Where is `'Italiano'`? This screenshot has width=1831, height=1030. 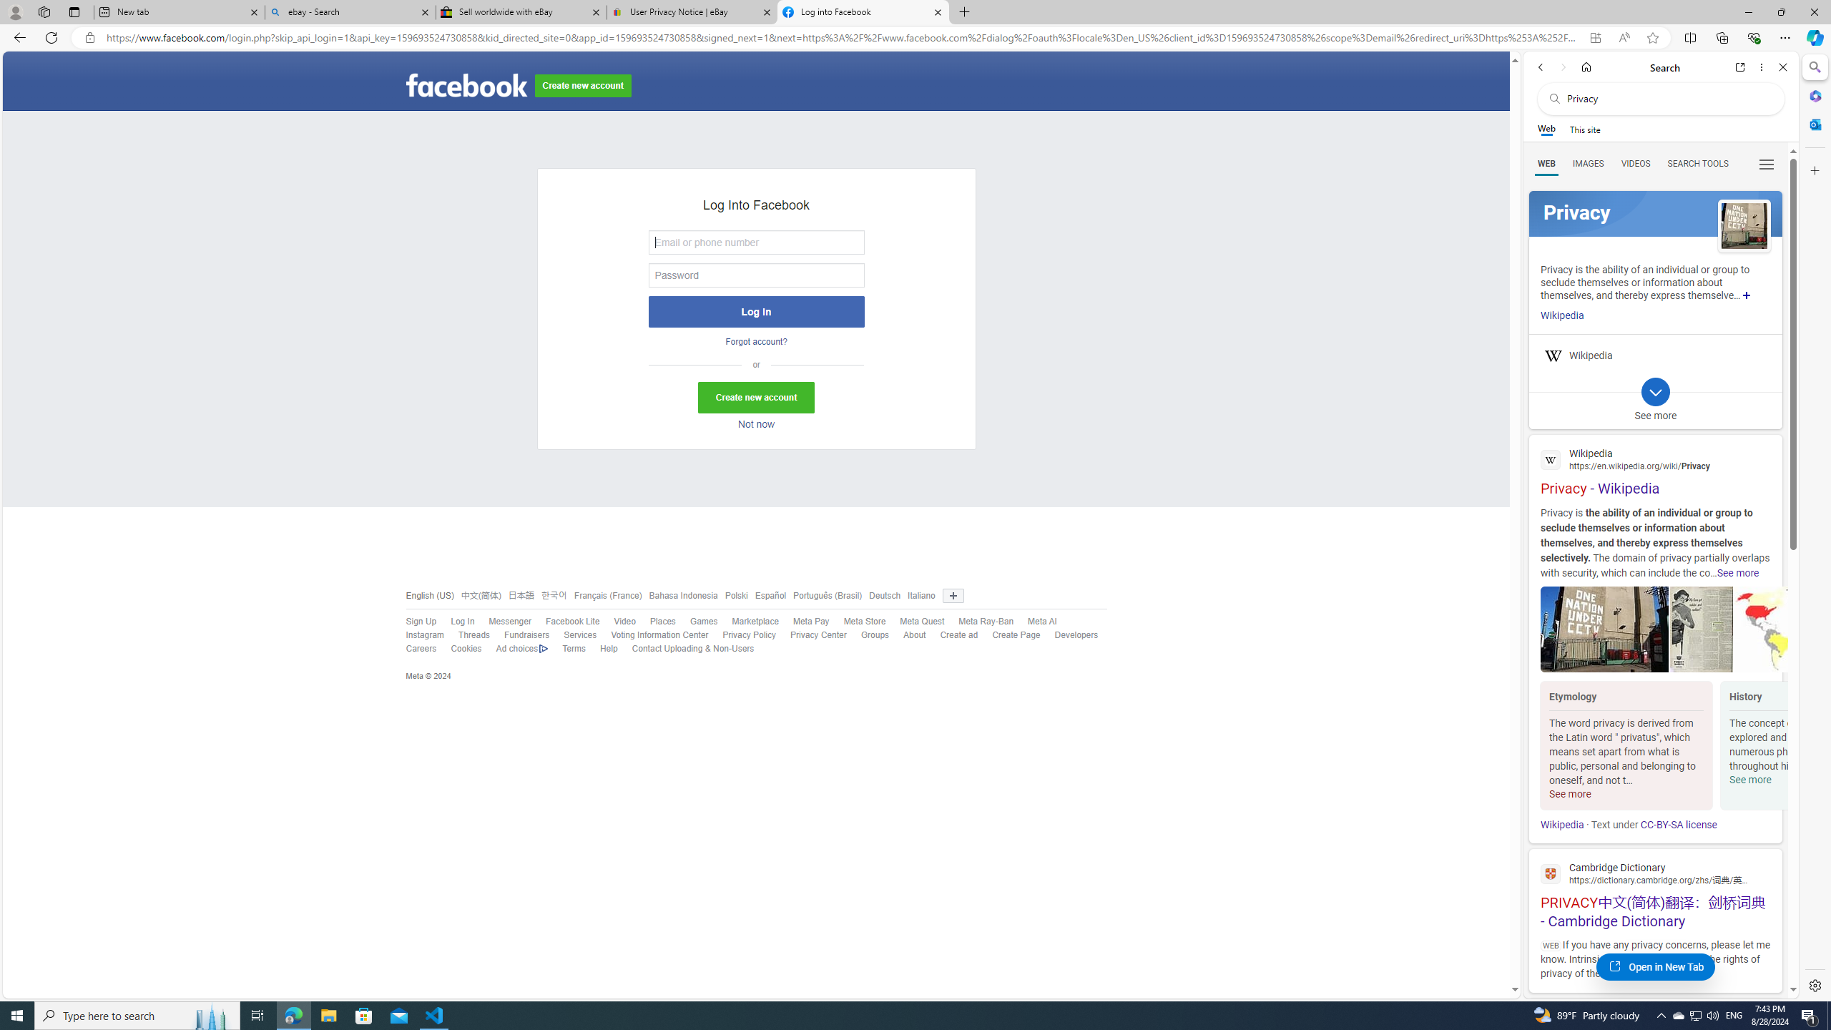 'Italiano' is located at coordinates (921, 594).